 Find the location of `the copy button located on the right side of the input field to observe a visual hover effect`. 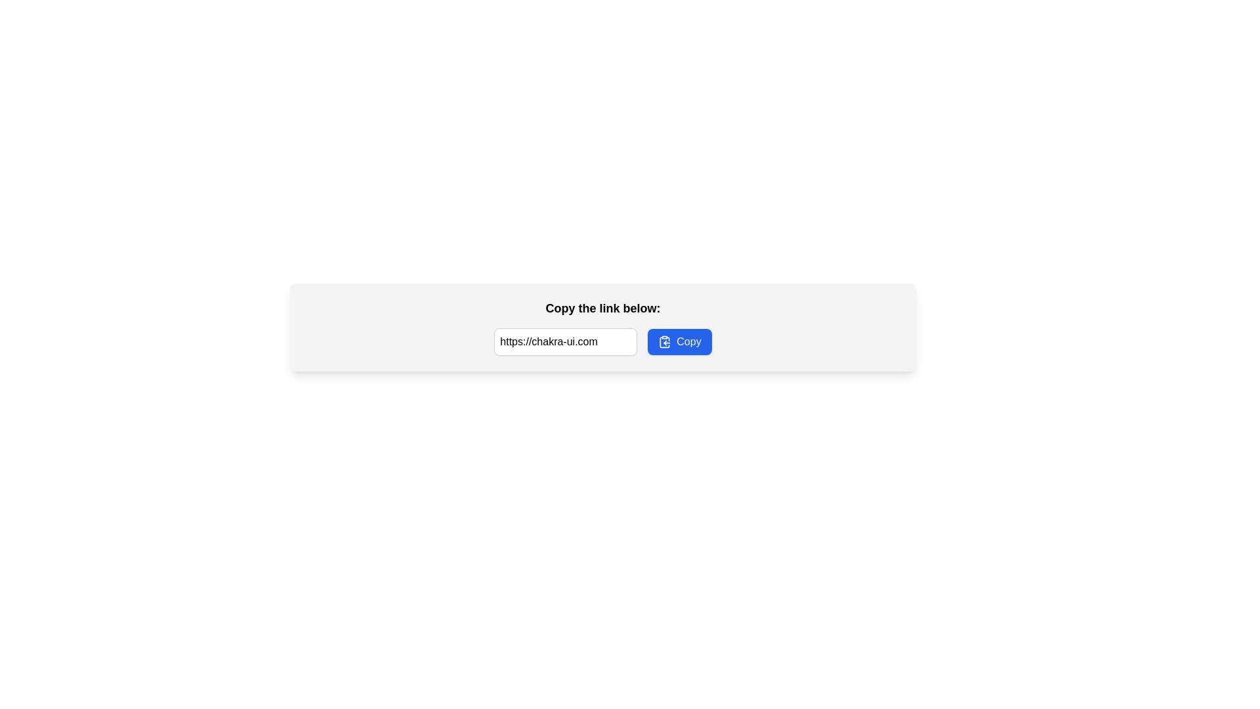

the copy button located on the right side of the input field to observe a visual hover effect is located at coordinates (680, 341).